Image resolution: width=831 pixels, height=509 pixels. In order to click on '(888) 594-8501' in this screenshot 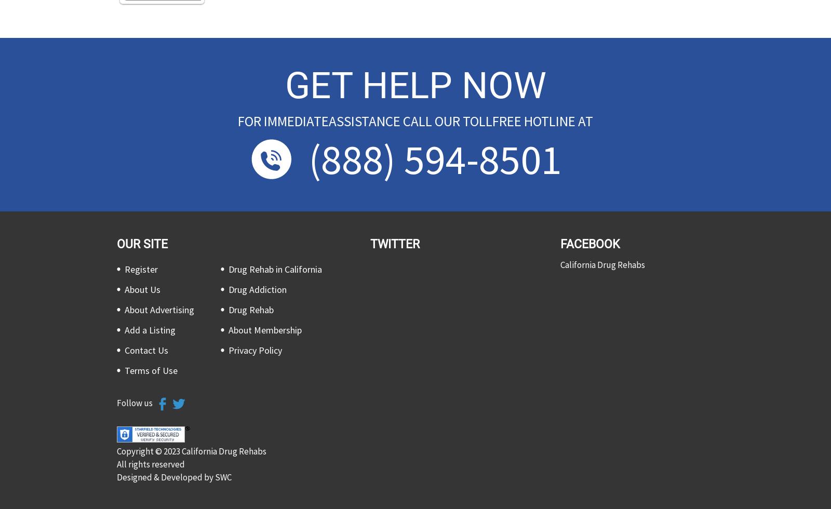, I will do `click(435, 158)`.